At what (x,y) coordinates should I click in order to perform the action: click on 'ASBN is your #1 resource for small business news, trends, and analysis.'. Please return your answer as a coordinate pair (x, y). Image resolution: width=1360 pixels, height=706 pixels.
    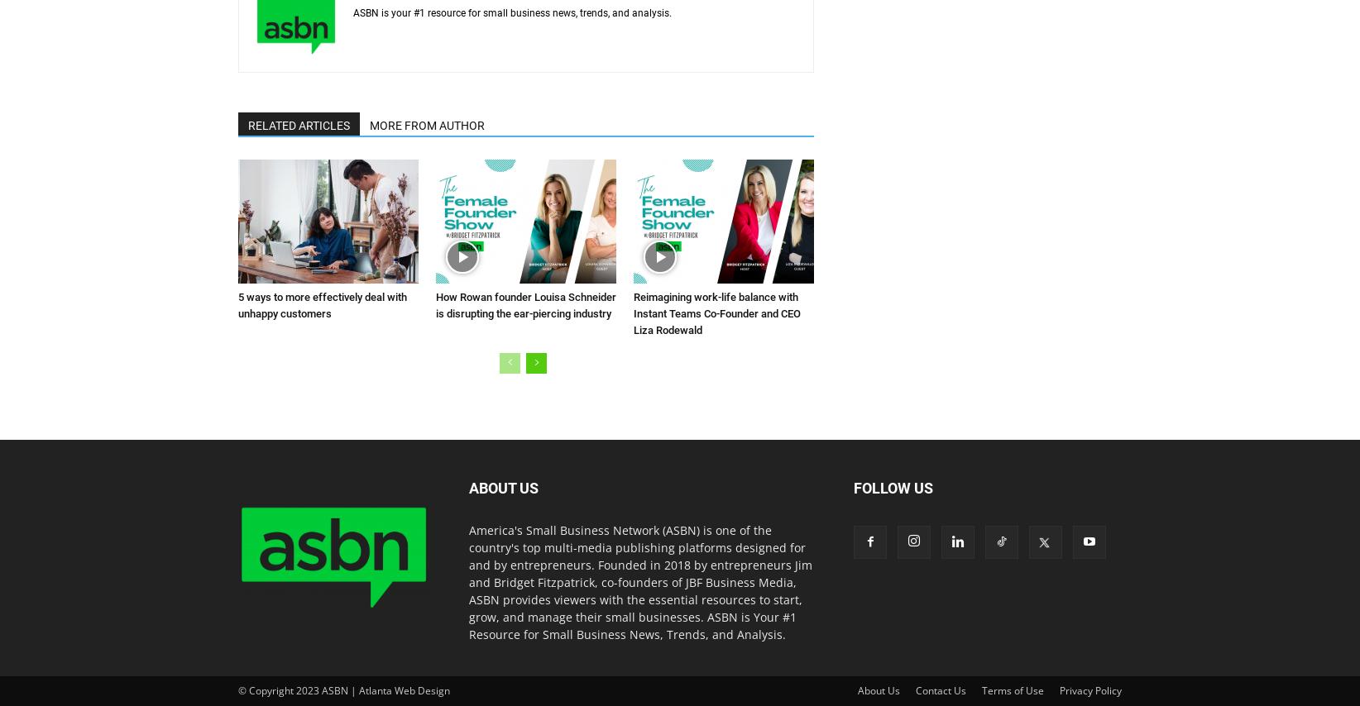
    Looking at the image, I should click on (352, 12).